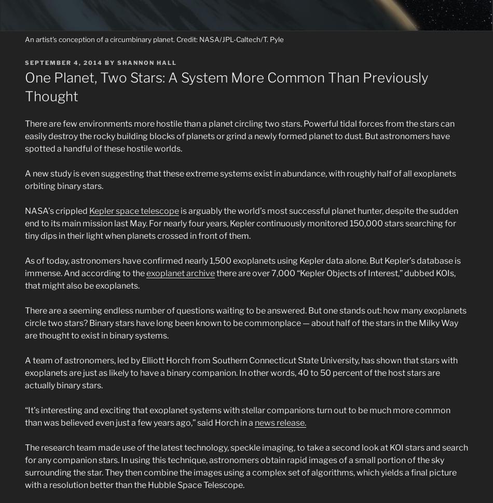  Describe the element at coordinates (146, 62) in the screenshot. I see `'Shannon Hall'` at that location.